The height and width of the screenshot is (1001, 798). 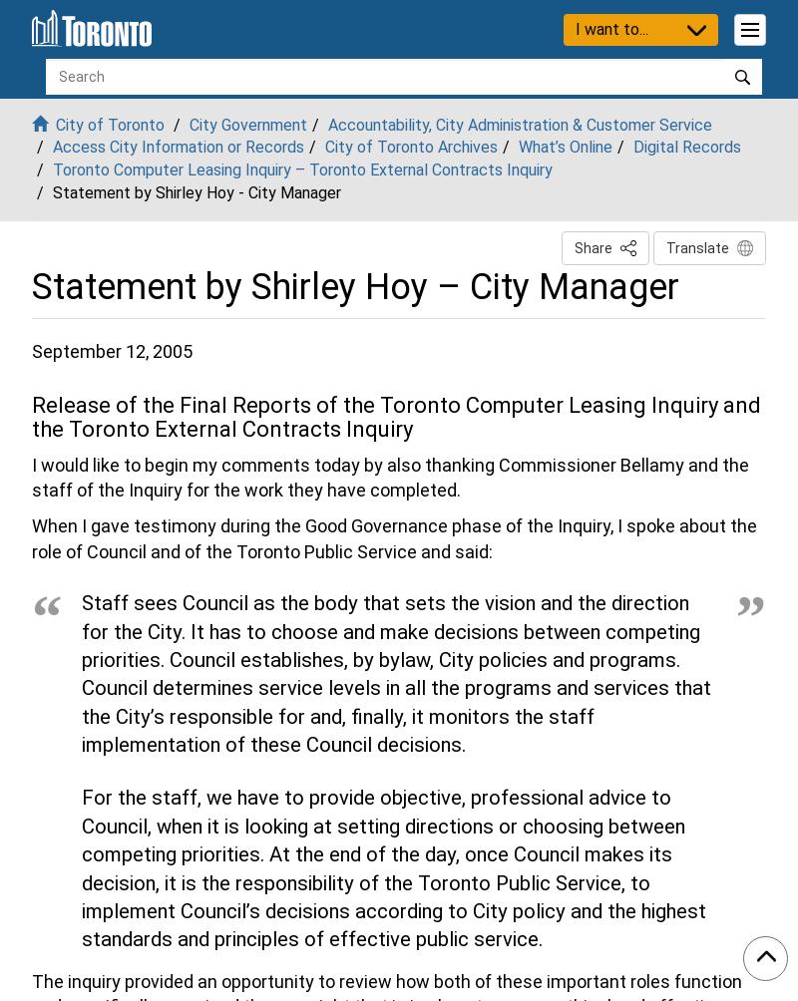 What do you see at coordinates (647, 244) in the screenshot?
I see `'This Page'` at bounding box center [647, 244].